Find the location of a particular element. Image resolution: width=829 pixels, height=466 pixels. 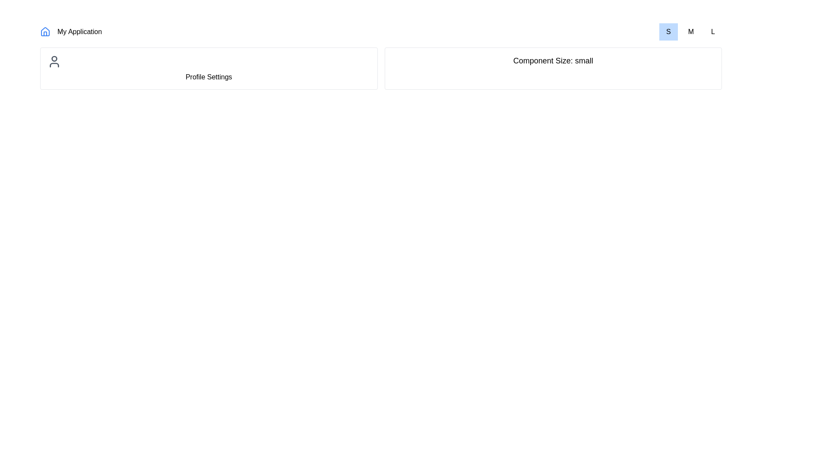

the selectable button for the 'L' option, located at the top-right corner of the interface, following the 'S' and 'M' buttons is located at coordinates (713, 31).